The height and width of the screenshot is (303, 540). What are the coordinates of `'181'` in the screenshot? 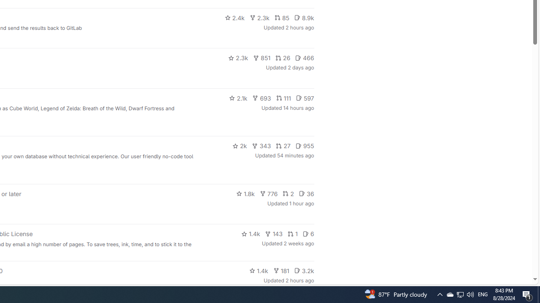 It's located at (281, 270).